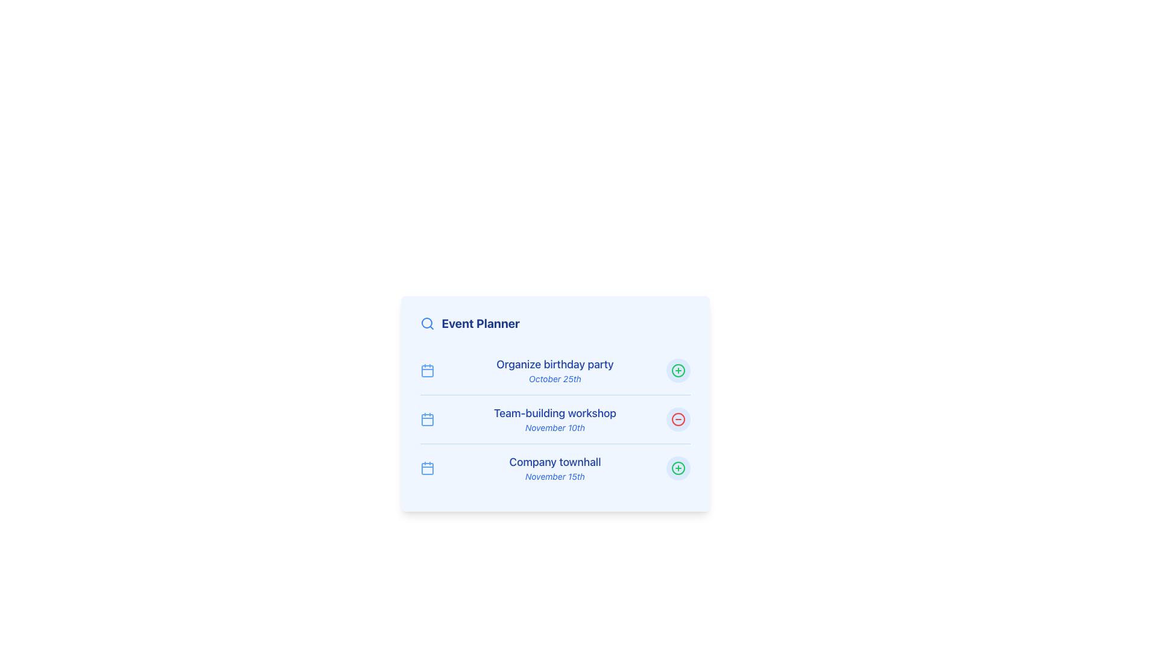 The height and width of the screenshot is (651, 1158). Describe the element at coordinates (554, 418) in the screenshot. I see `the Text Label displaying 'Team-building workshop' and 'November 10th', located in the 'Event Planner' section, which is the second item in the list` at that location.